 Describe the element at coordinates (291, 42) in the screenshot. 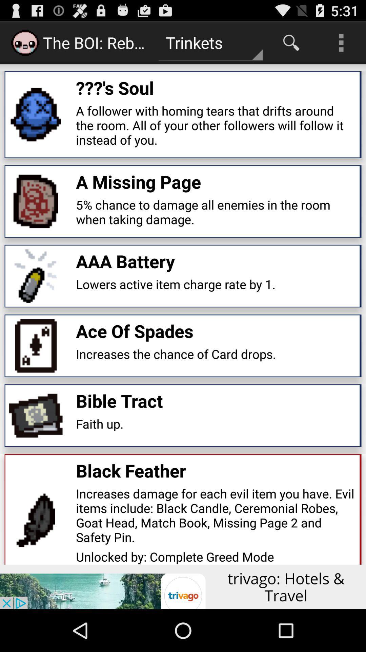

I see `search icon` at that location.